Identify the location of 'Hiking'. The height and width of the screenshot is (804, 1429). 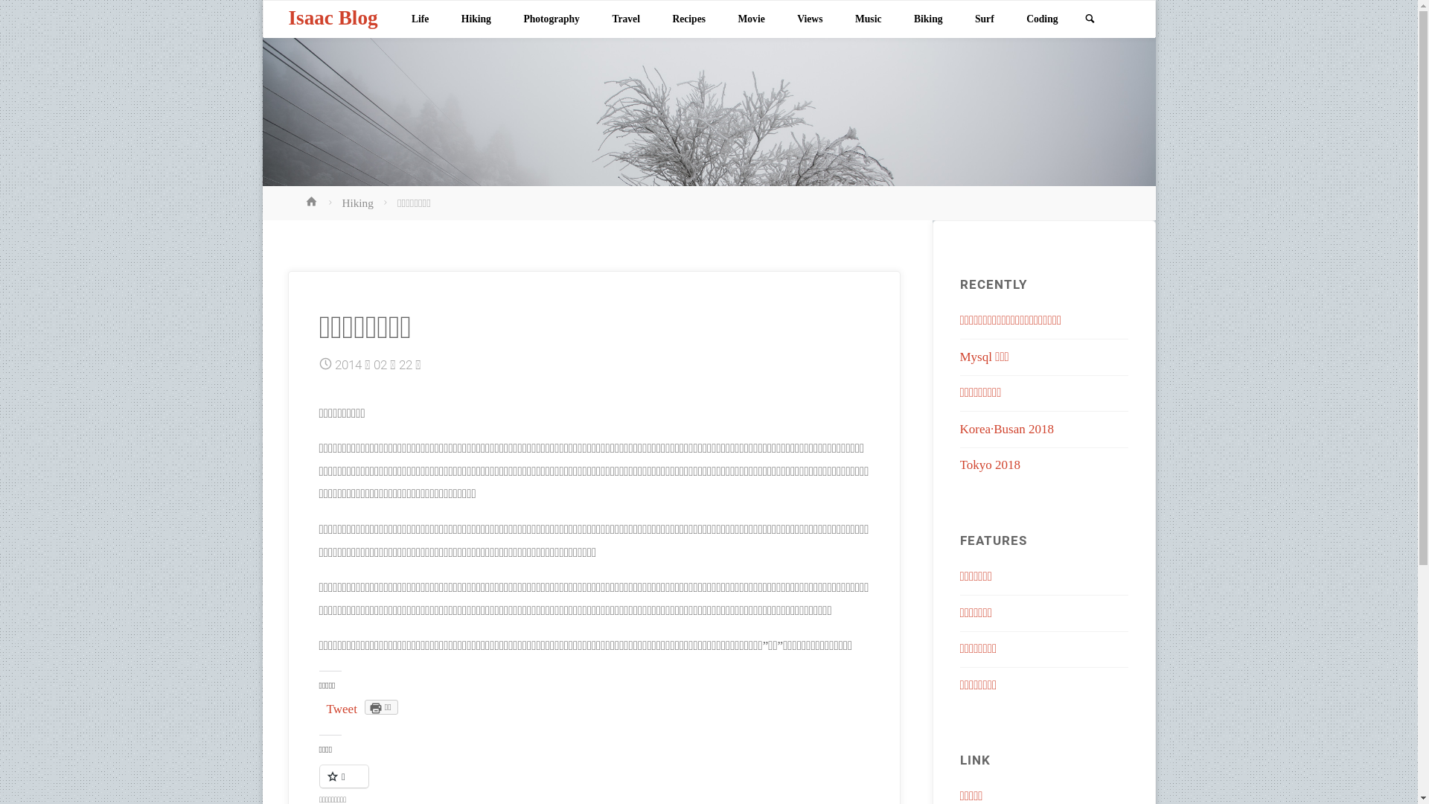
(357, 202).